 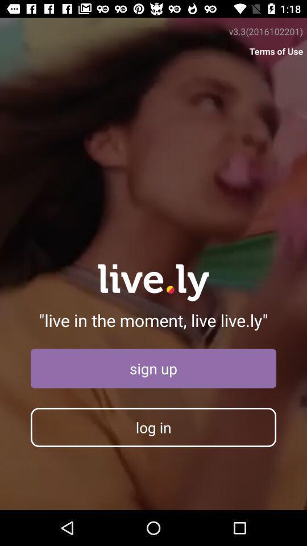 What do you see at coordinates (153, 368) in the screenshot?
I see `app below the live in the icon` at bounding box center [153, 368].